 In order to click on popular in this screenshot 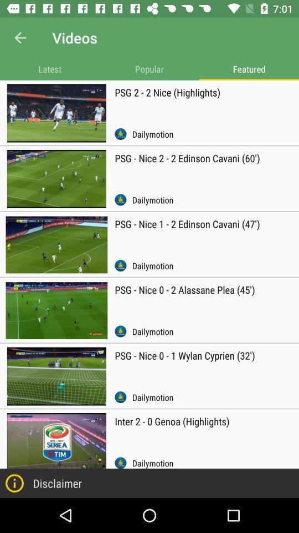, I will do `click(149, 68)`.